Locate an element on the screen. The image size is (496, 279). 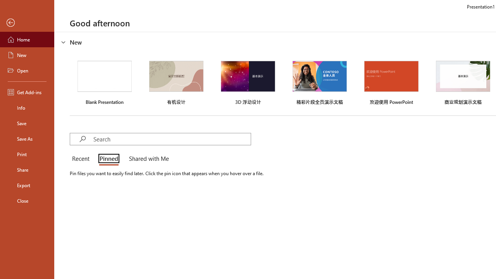
'Recent' is located at coordinates (82, 159).